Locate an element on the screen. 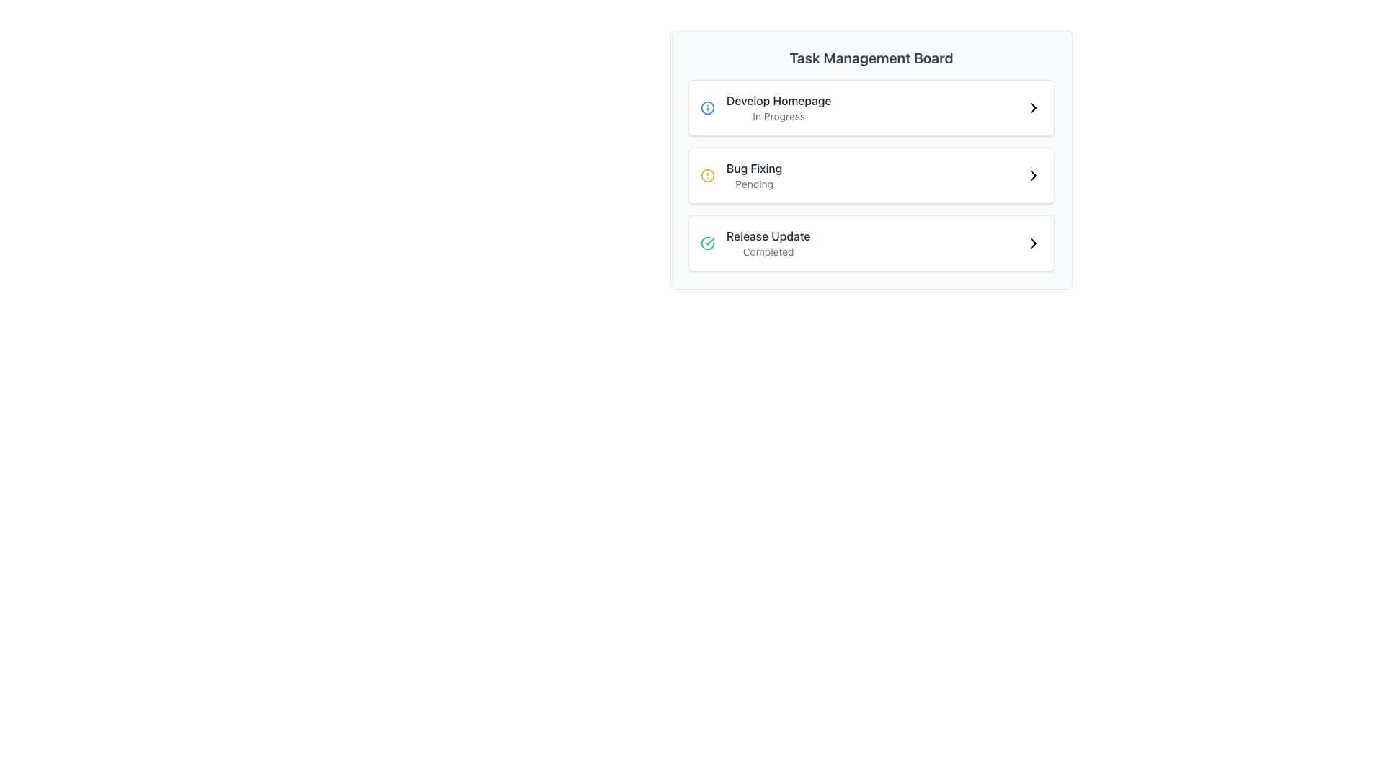  the blue circle icon component within the SVG graphic in the first row of the task list labeled 'Develop Homepage' is located at coordinates (708, 107).